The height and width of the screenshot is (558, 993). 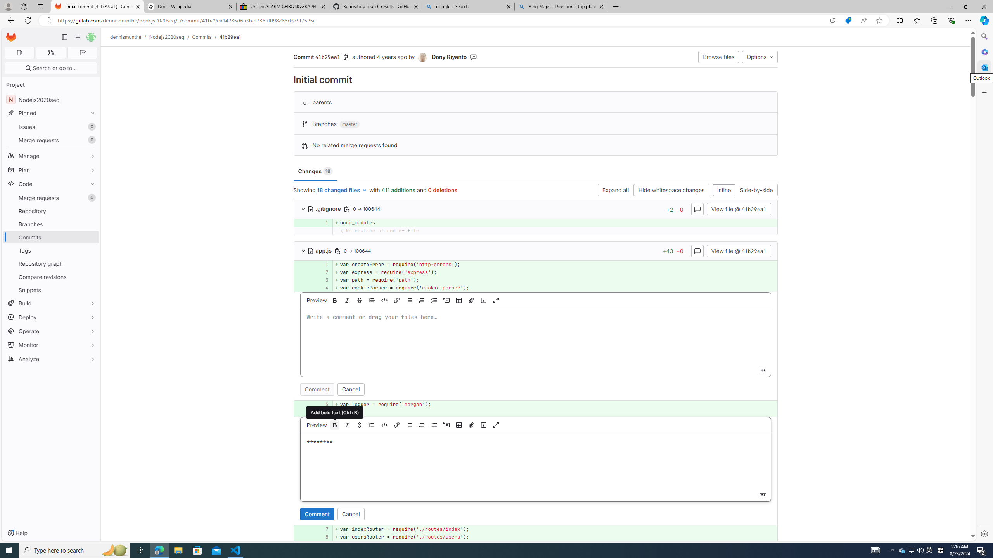 I want to click on '41b29ea1', so click(x=230, y=37).